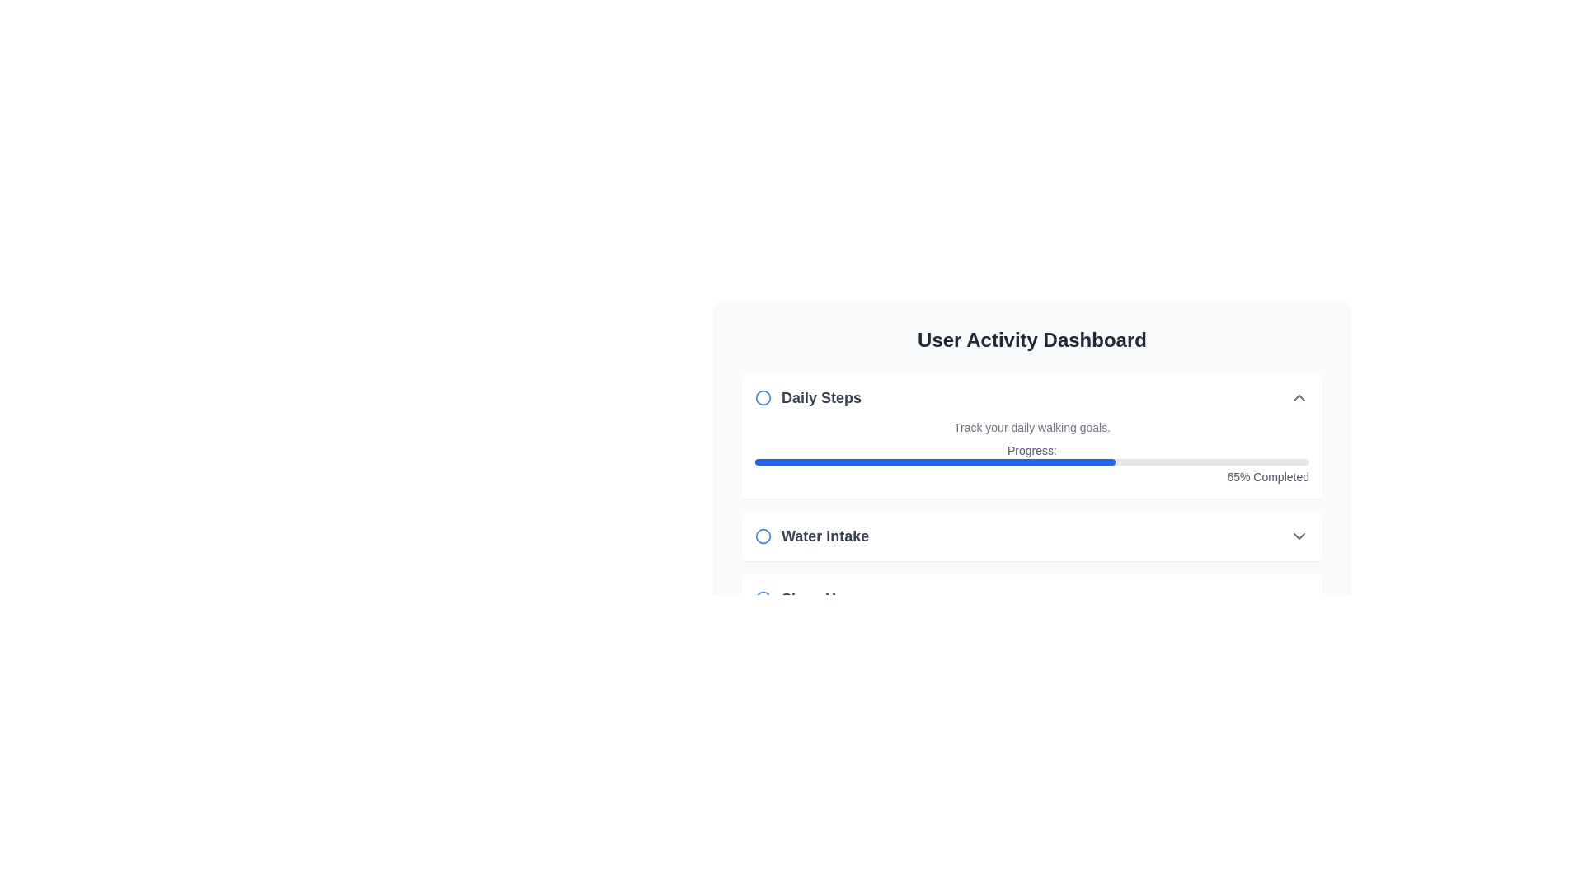 This screenshot has width=1583, height=890. Describe the element at coordinates (1031, 451) in the screenshot. I see `the text label indicating the progress status of a task or activity, which is located above the progress bar and horizontally centered within its section` at that location.